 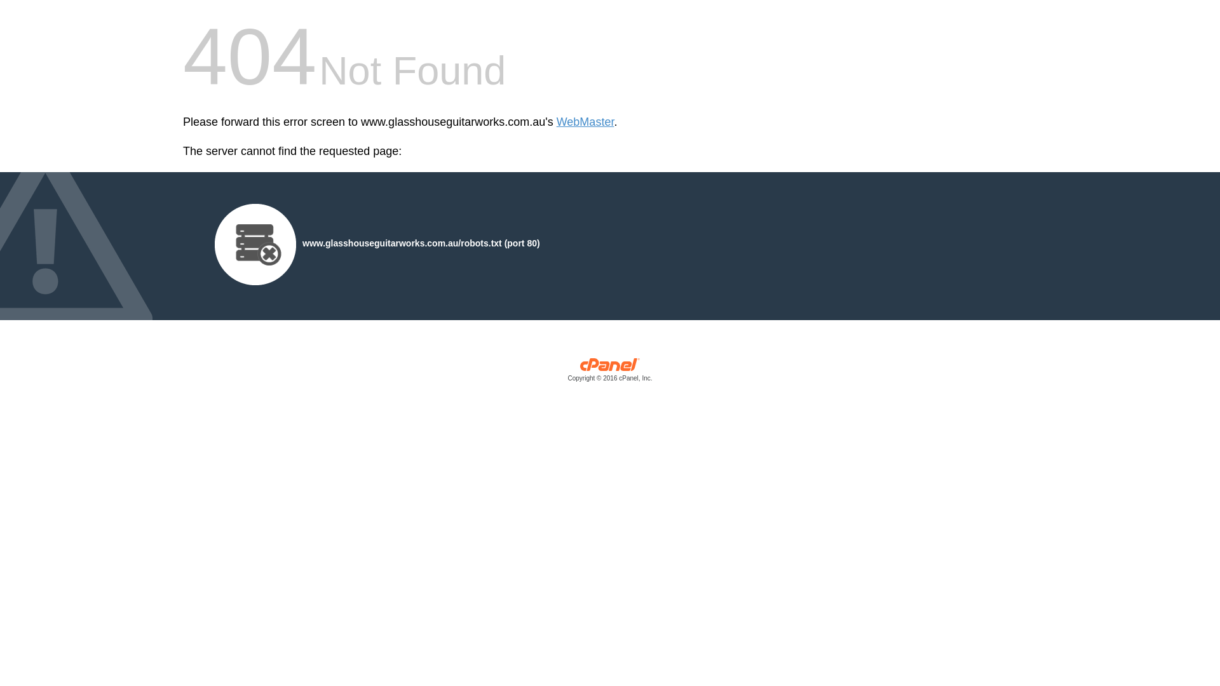 I want to click on 'WebMaster', so click(x=585, y=122).